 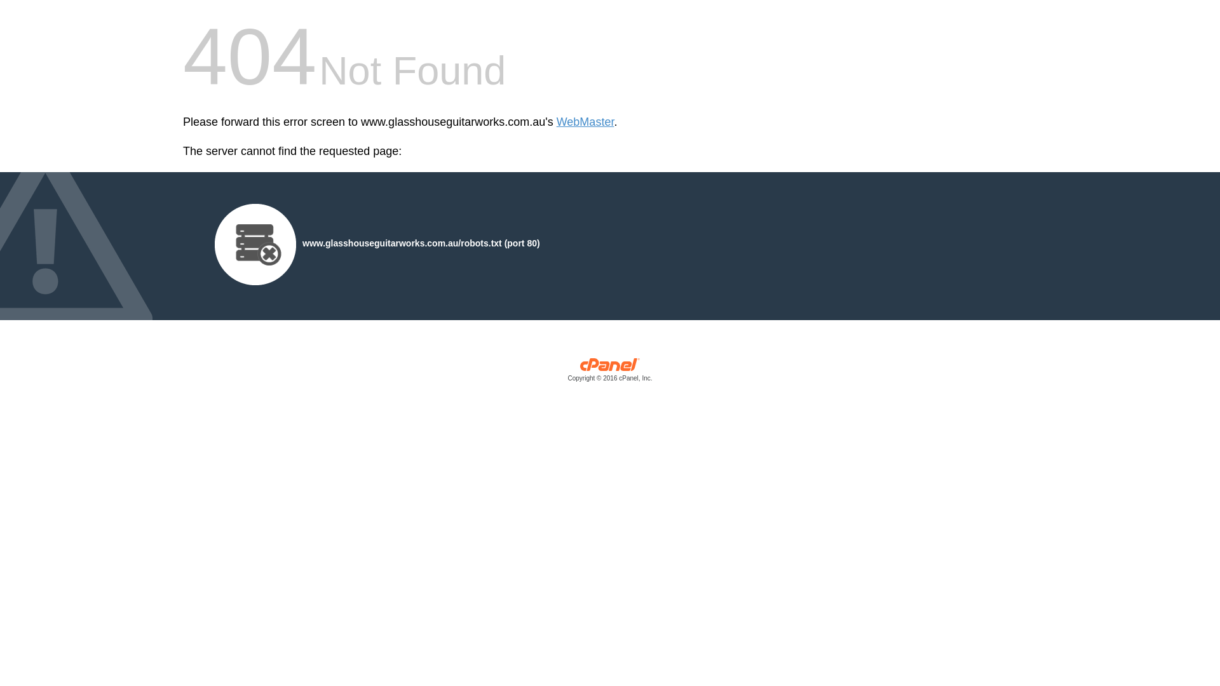 I want to click on 'WebMaster', so click(x=585, y=122).